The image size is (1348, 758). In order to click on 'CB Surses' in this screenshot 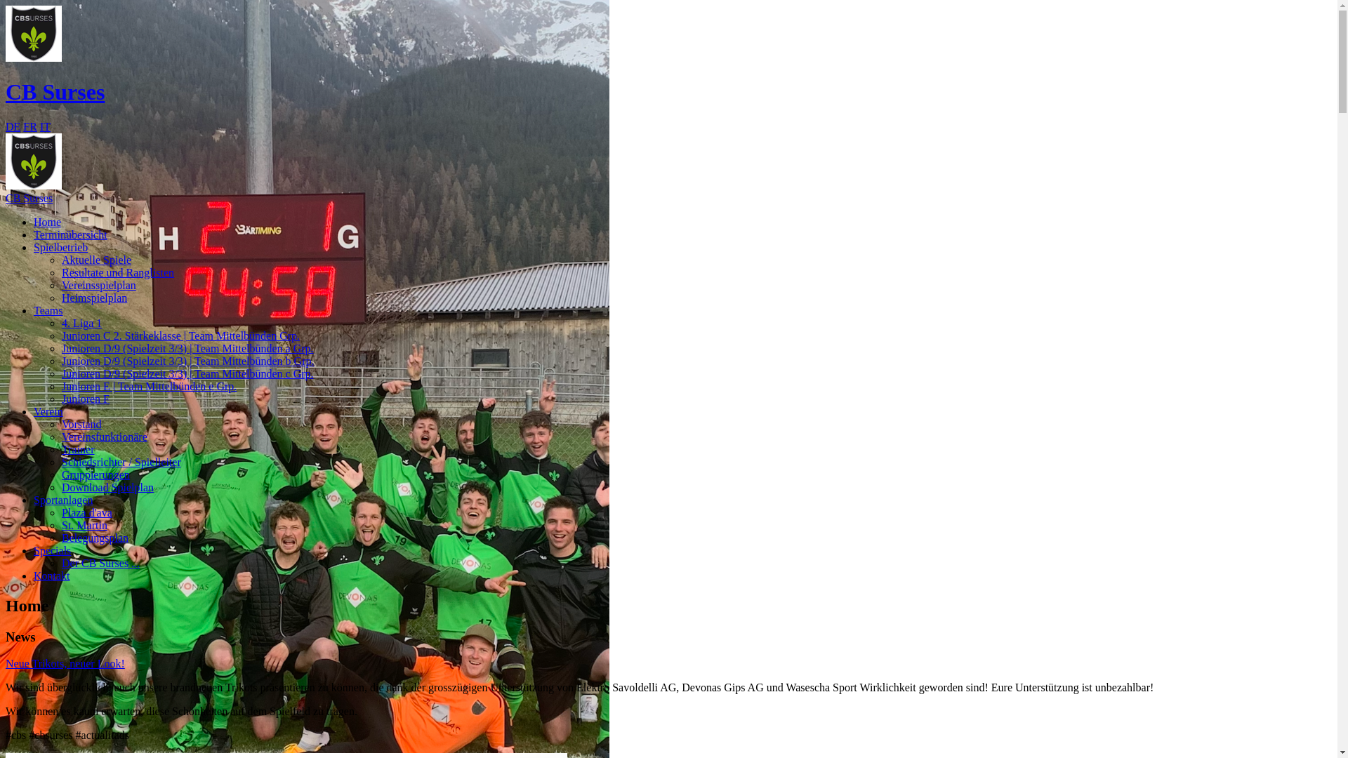, I will do `click(668, 205)`.